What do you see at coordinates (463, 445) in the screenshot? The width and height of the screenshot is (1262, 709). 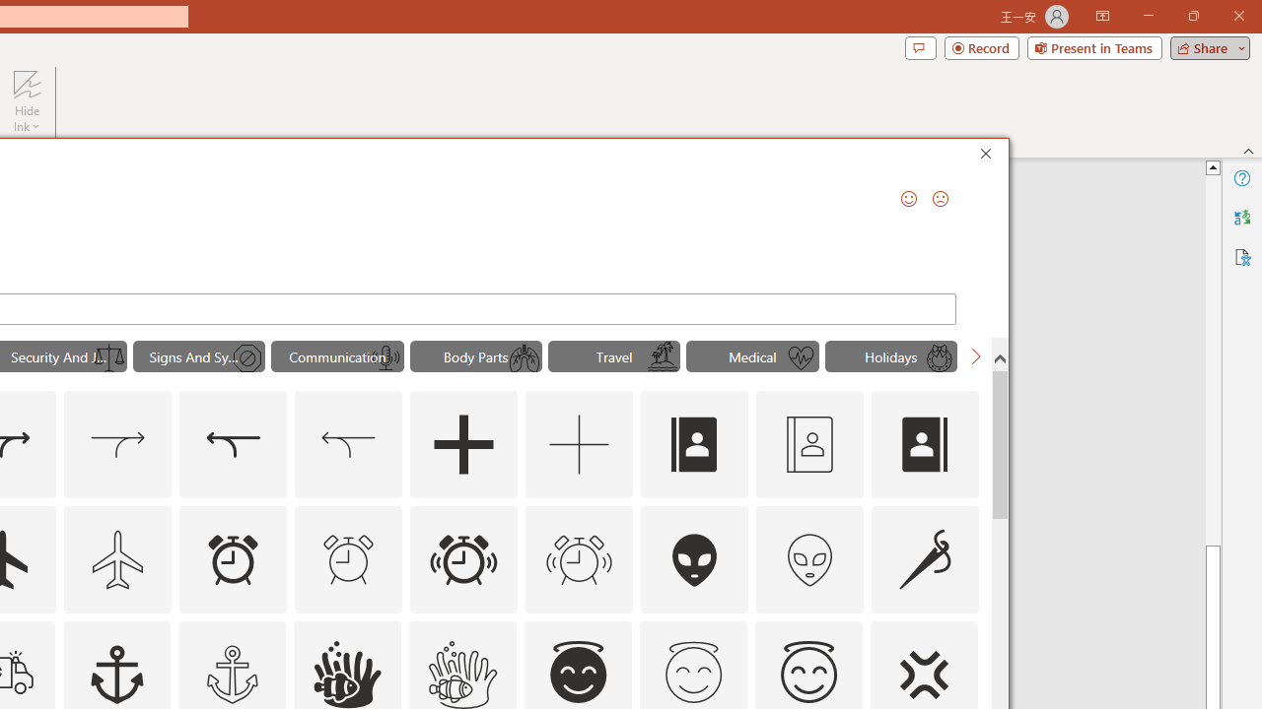 I see `'AutomationID: Icons_Add'` at bounding box center [463, 445].